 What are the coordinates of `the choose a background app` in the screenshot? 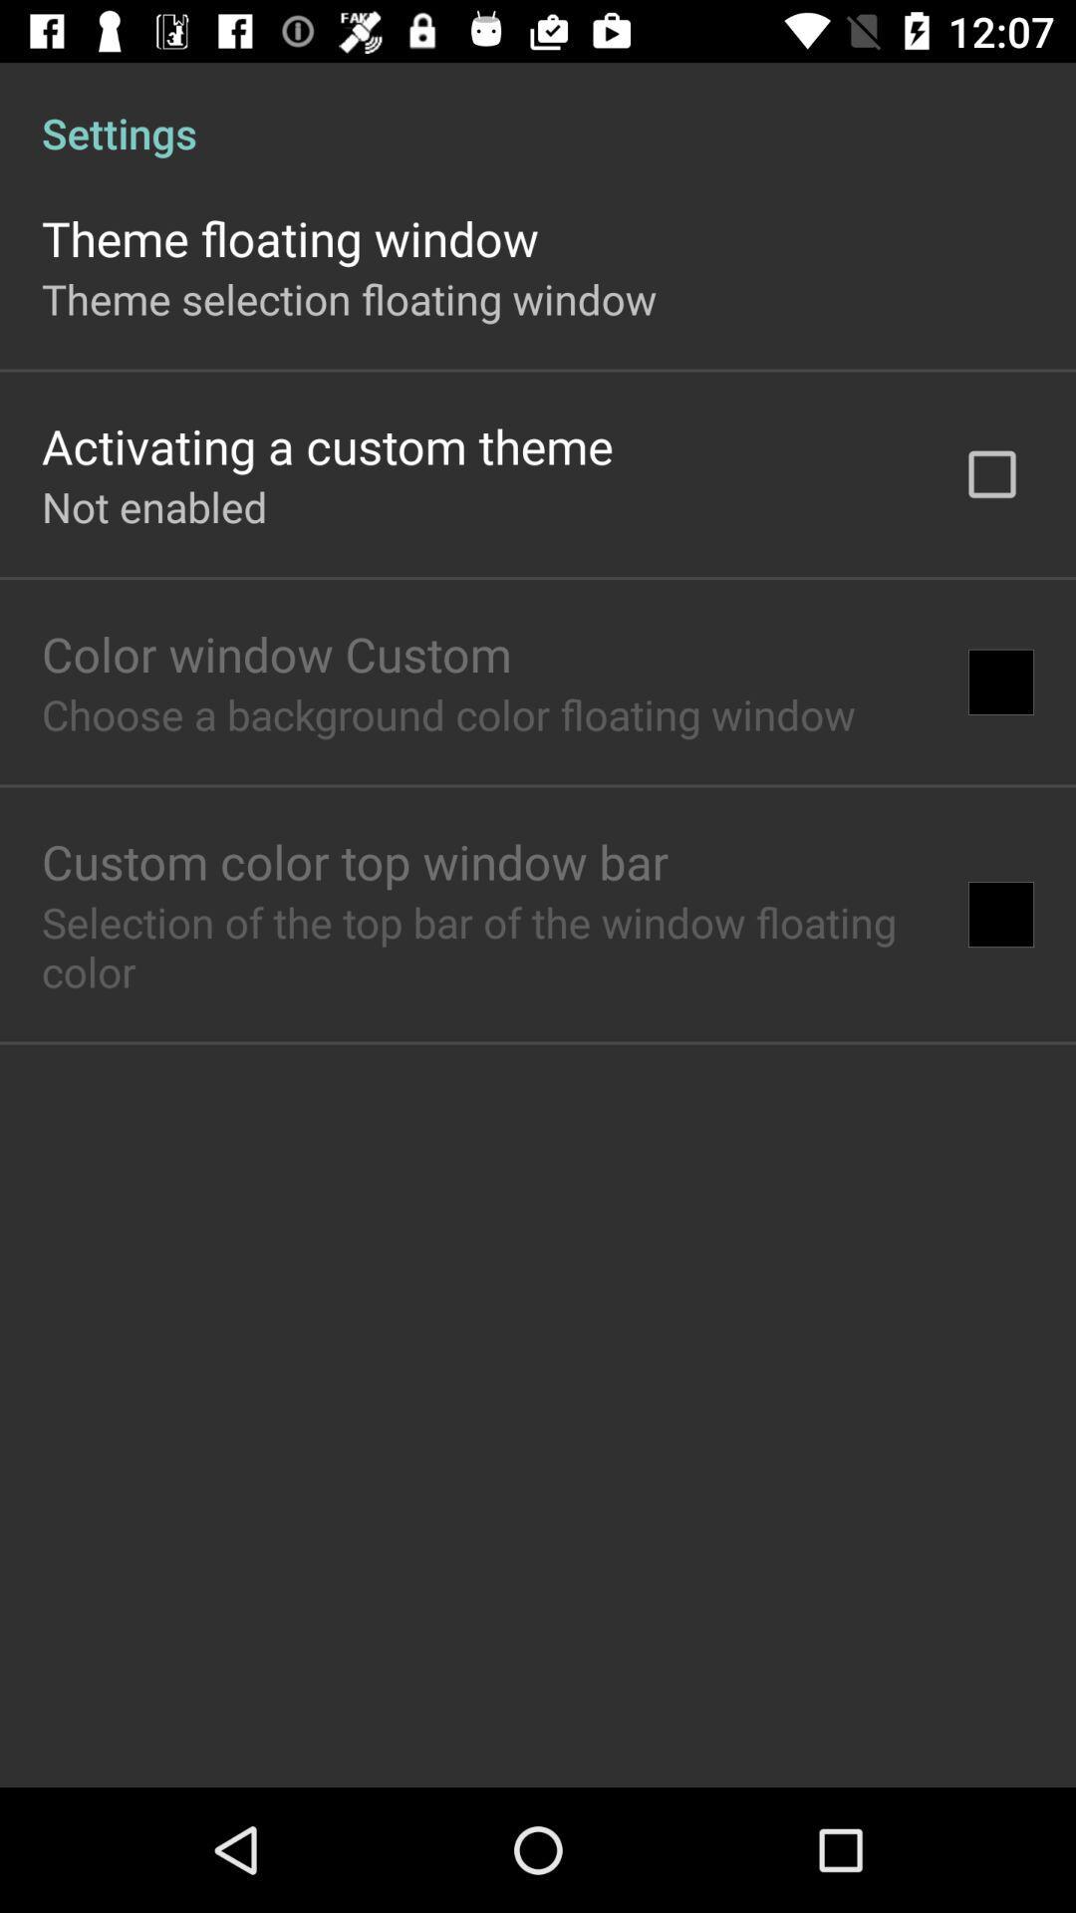 It's located at (448, 713).